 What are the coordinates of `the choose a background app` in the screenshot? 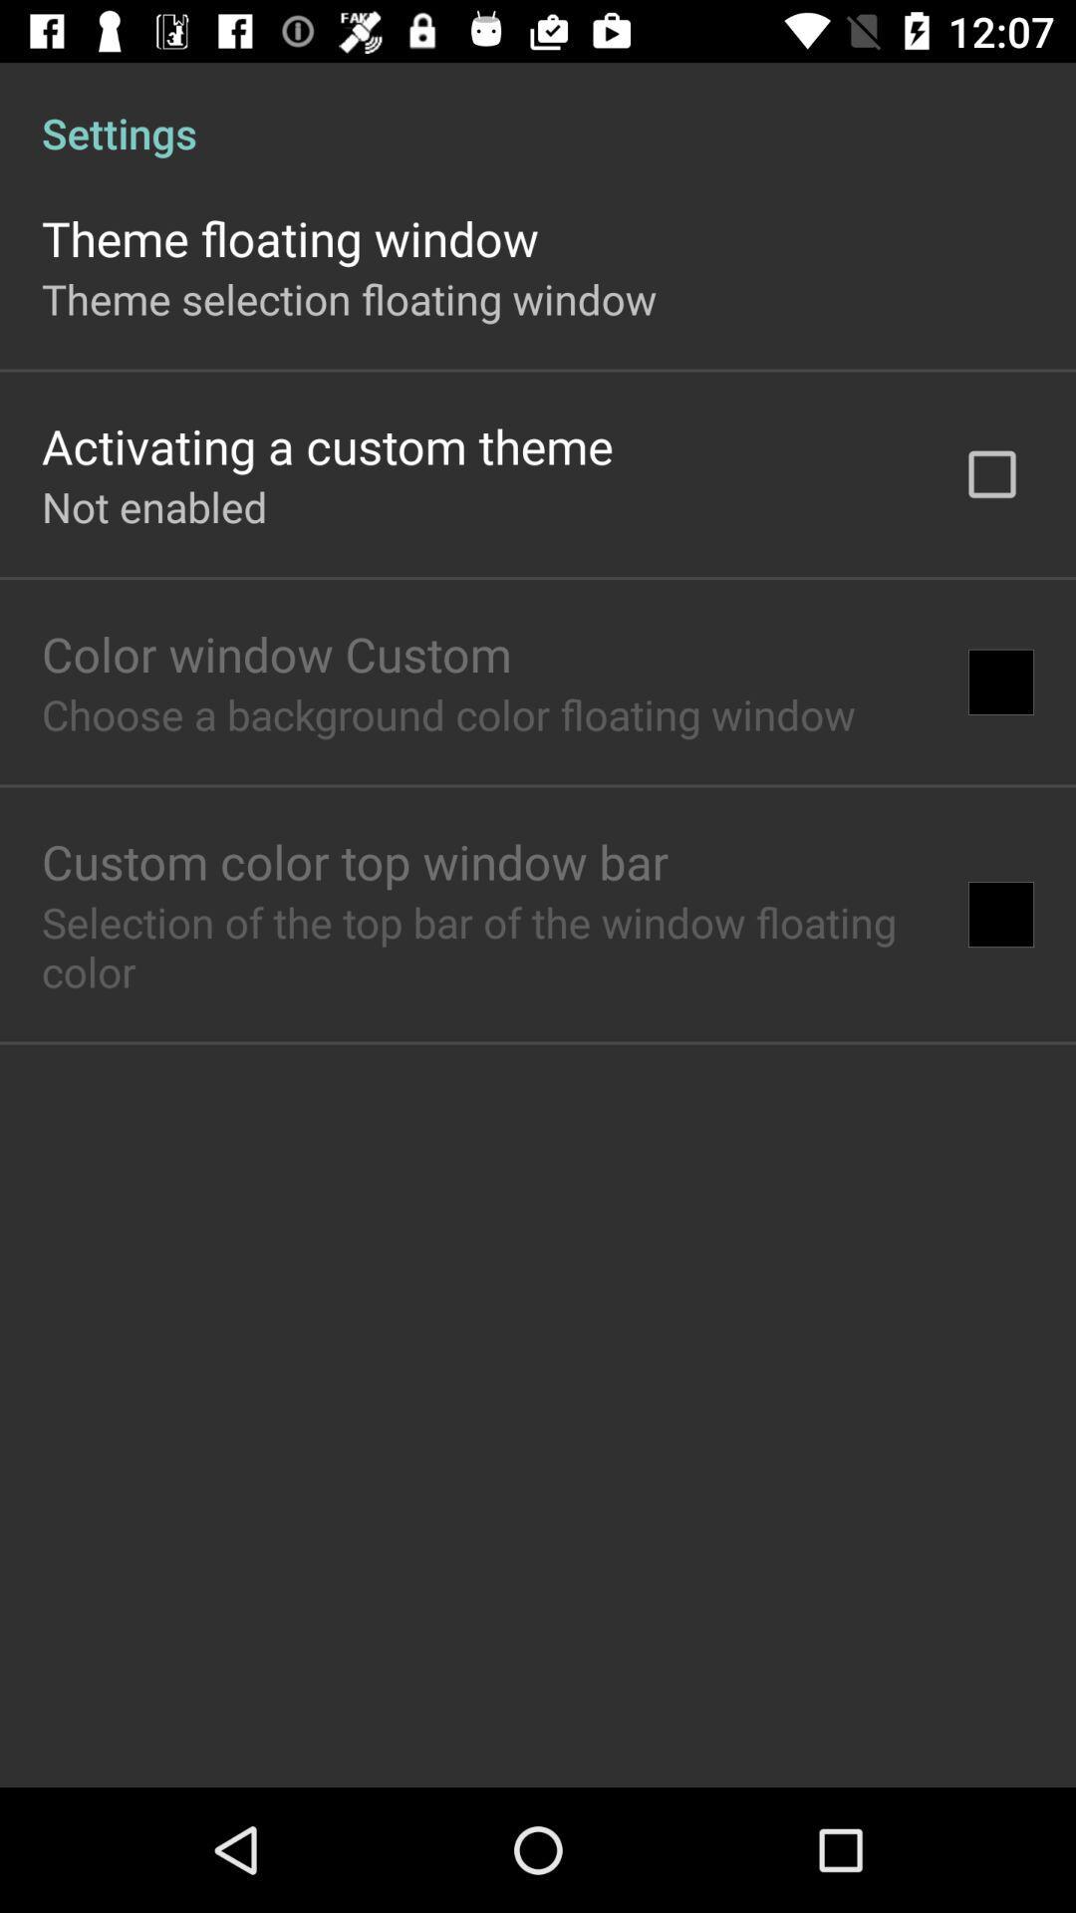 It's located at (448, 713).